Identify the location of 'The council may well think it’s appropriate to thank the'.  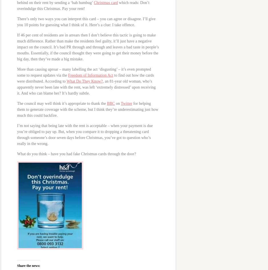
(62, 103).